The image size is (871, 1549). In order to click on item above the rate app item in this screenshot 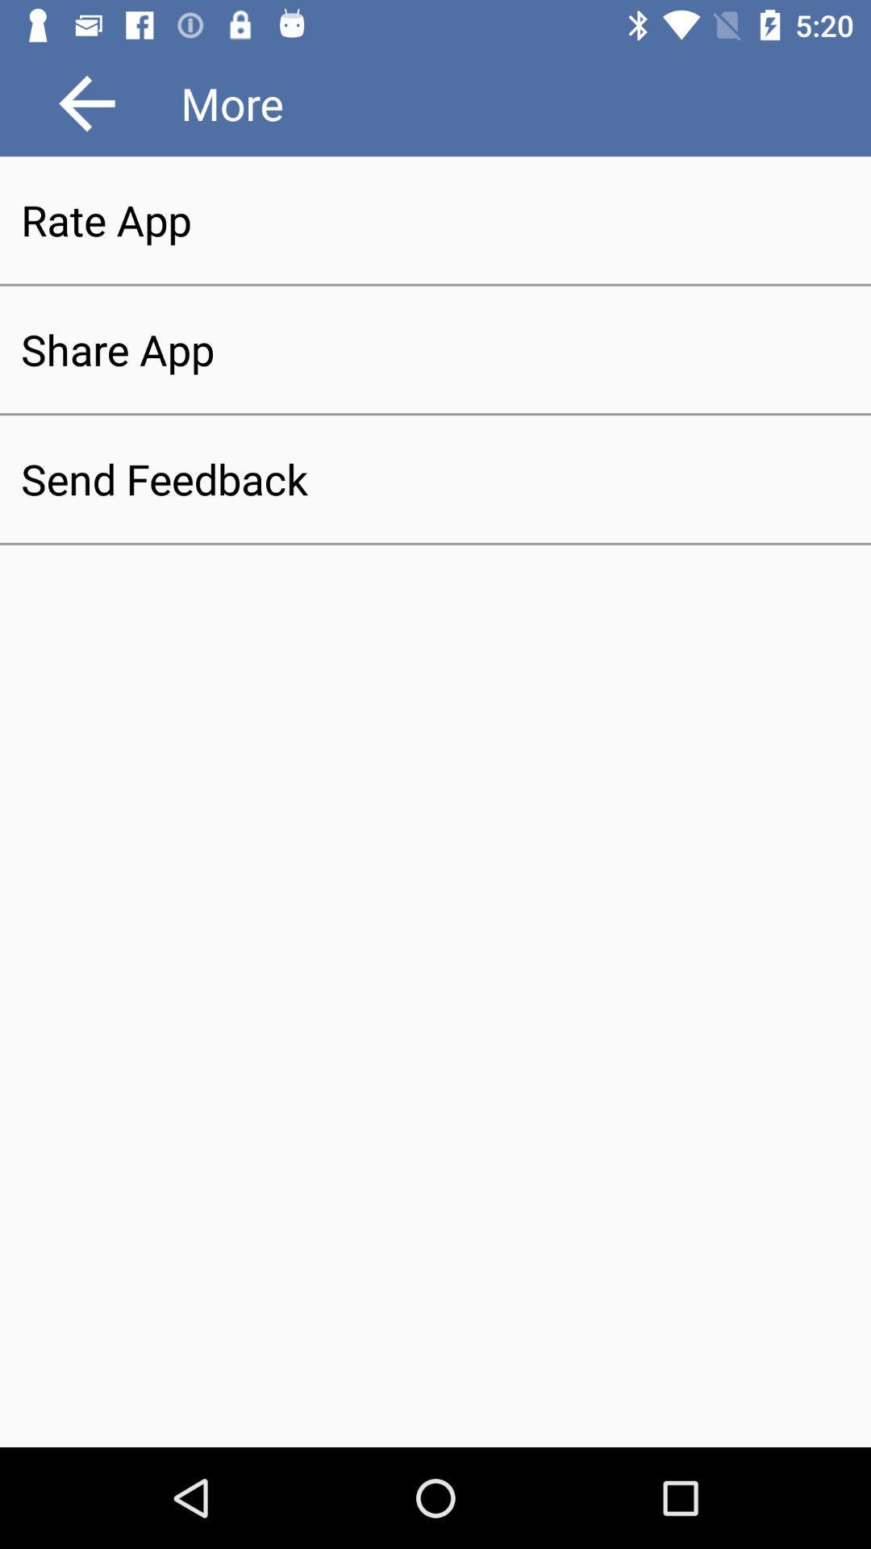, I will do `click(87, 102)`.